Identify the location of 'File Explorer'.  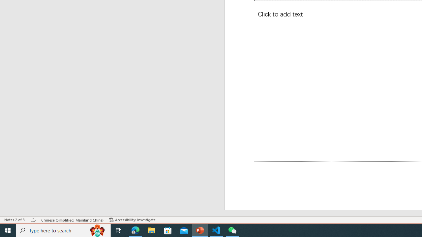
(151, 230).